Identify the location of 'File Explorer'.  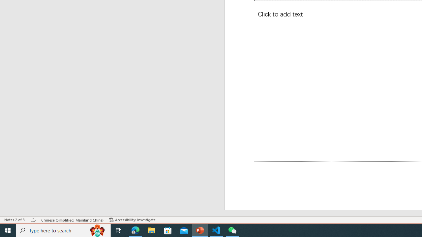
(151, 230).